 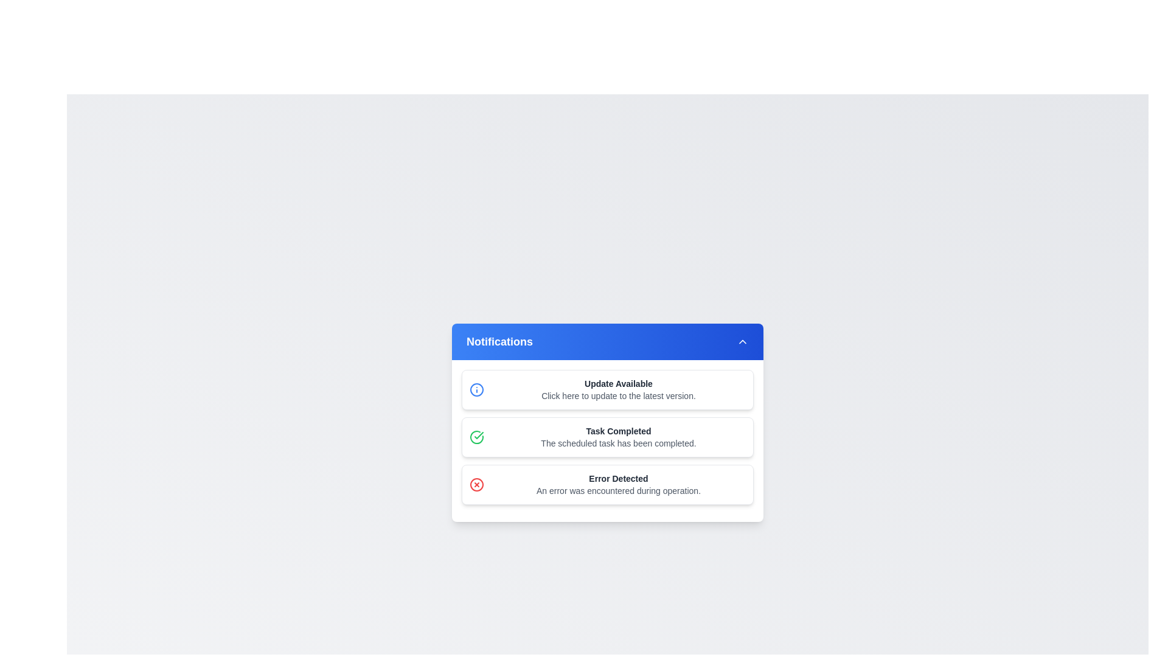 I want to click on the notification item titled 'Task Completed' which is the second notification in the list, containing a green checkmark icon and a description about task completion, so click(x=607, y=422).